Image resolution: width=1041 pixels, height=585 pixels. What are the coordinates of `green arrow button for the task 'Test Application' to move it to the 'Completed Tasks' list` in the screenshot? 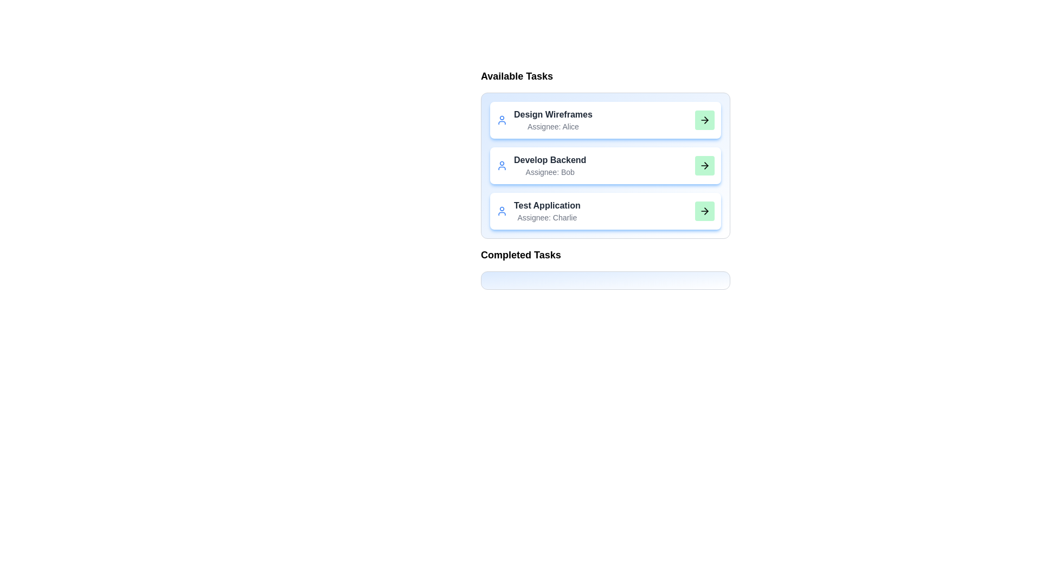 It's located at (705, 211).